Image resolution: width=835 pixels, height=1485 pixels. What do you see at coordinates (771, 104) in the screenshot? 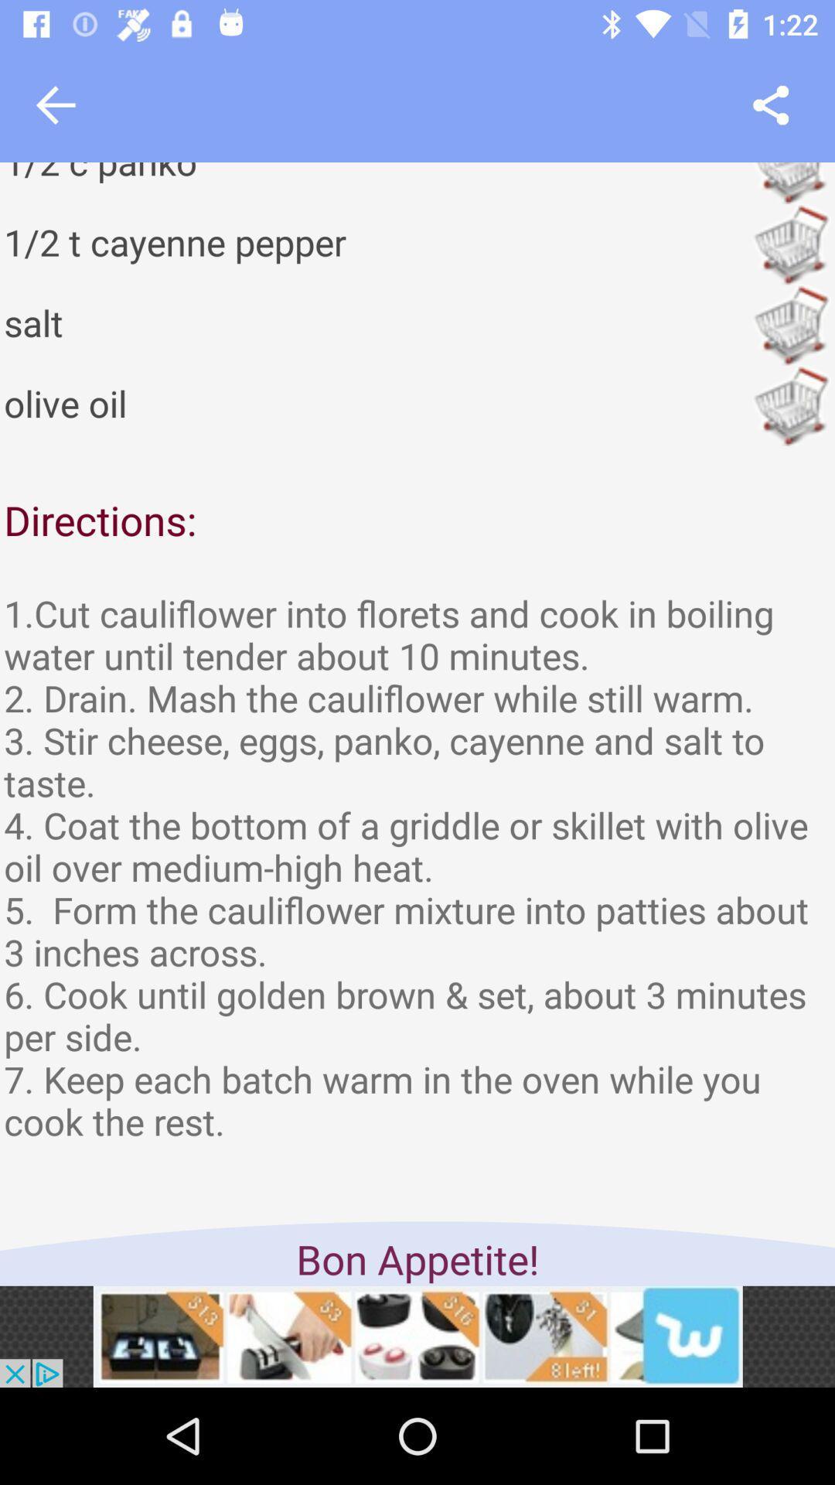
I see `share the article` at bounding box center [771, 104].